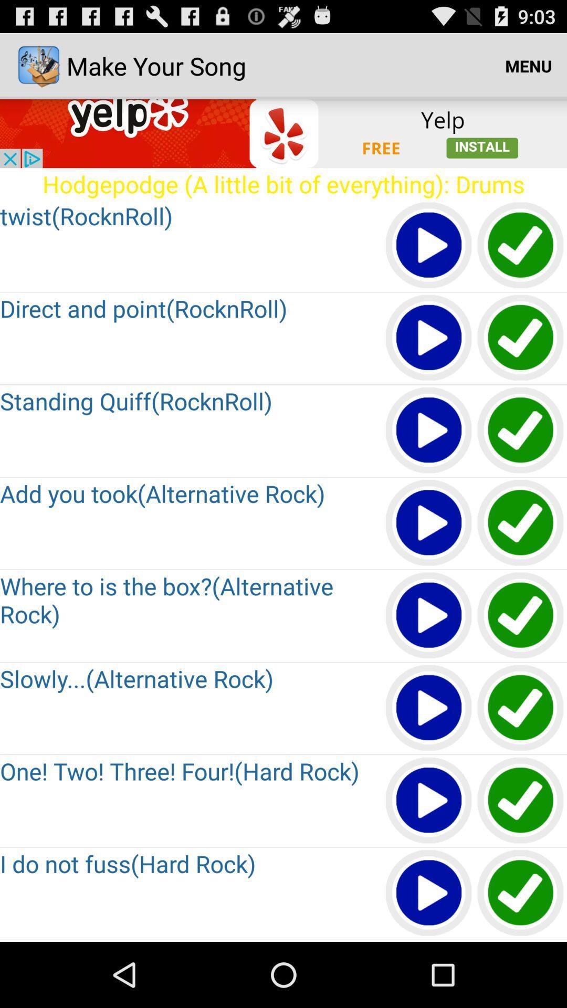 The width and height of the screenshot is (567, 1008). What do you see at coordinates (429, 338) in the screenshot?
I see `audio` at bounding box center [429, 338].